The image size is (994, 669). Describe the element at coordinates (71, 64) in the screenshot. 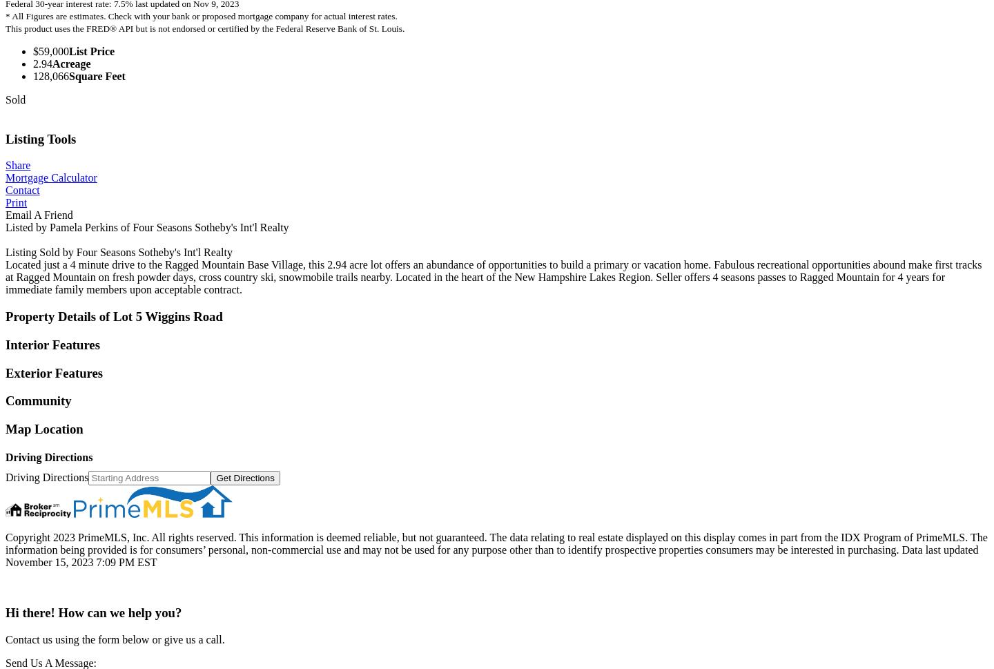

I see `'Acreage'` at that location.